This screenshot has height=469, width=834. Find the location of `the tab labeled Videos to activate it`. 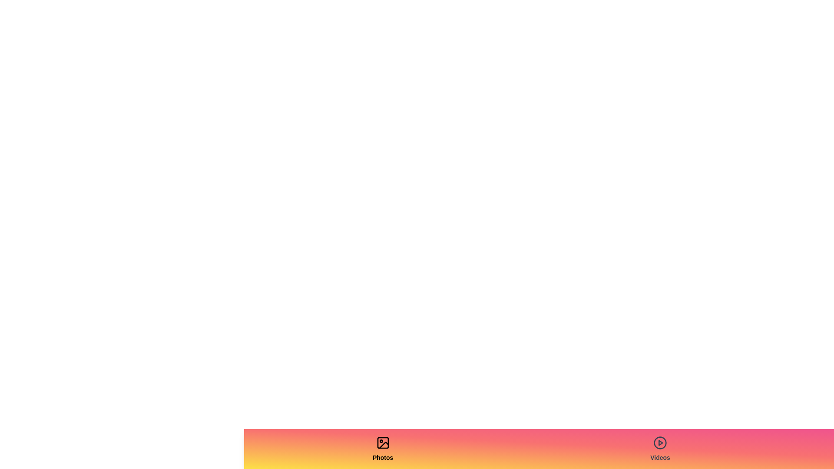

the tab labeled Videos to activate it is located at coordinates (660, 449).